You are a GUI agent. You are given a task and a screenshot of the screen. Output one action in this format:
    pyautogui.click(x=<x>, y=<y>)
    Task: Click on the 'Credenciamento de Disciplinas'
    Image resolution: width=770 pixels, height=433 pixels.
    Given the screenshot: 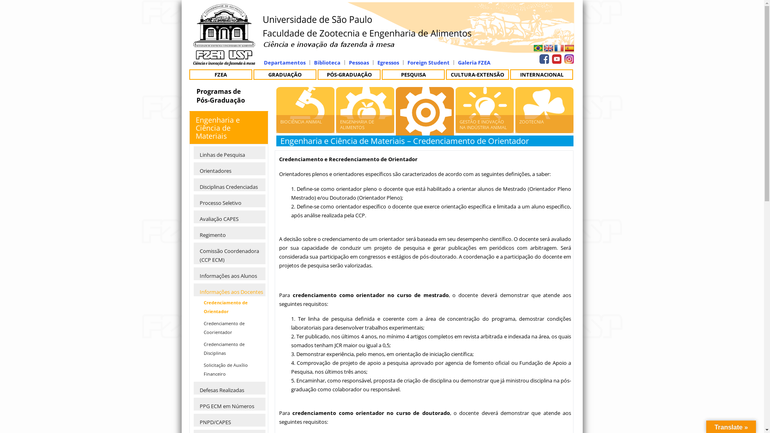 What is the action you would take?
    pyautogui.click(x=231, y=348)
    